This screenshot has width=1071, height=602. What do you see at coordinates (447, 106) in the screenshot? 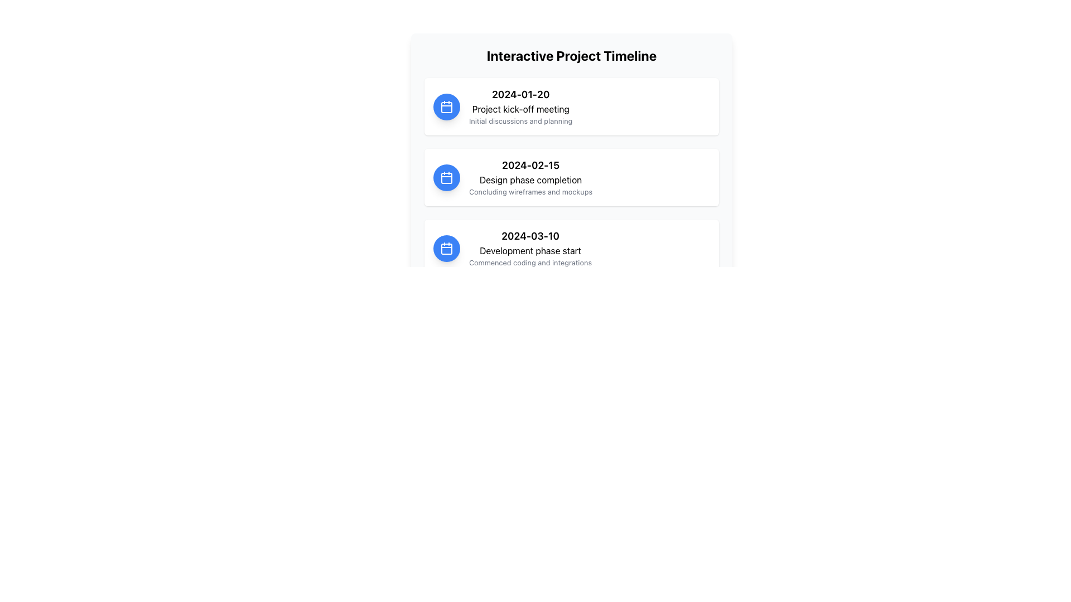
I see `the circular blue Icon button with a white calendar icon, located next to the text displaying '2024-01-20' and 'Project kick-off meeting.'` at bounding box center [447, 106].